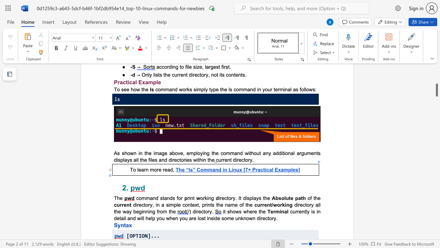 The height and width of the screenshot is (248, 440). What do you see at coordinates (173, 66) in the screenshot?
I see `the space between the continuous character "i" and "n" in the text` at bounding box center [173, 66].